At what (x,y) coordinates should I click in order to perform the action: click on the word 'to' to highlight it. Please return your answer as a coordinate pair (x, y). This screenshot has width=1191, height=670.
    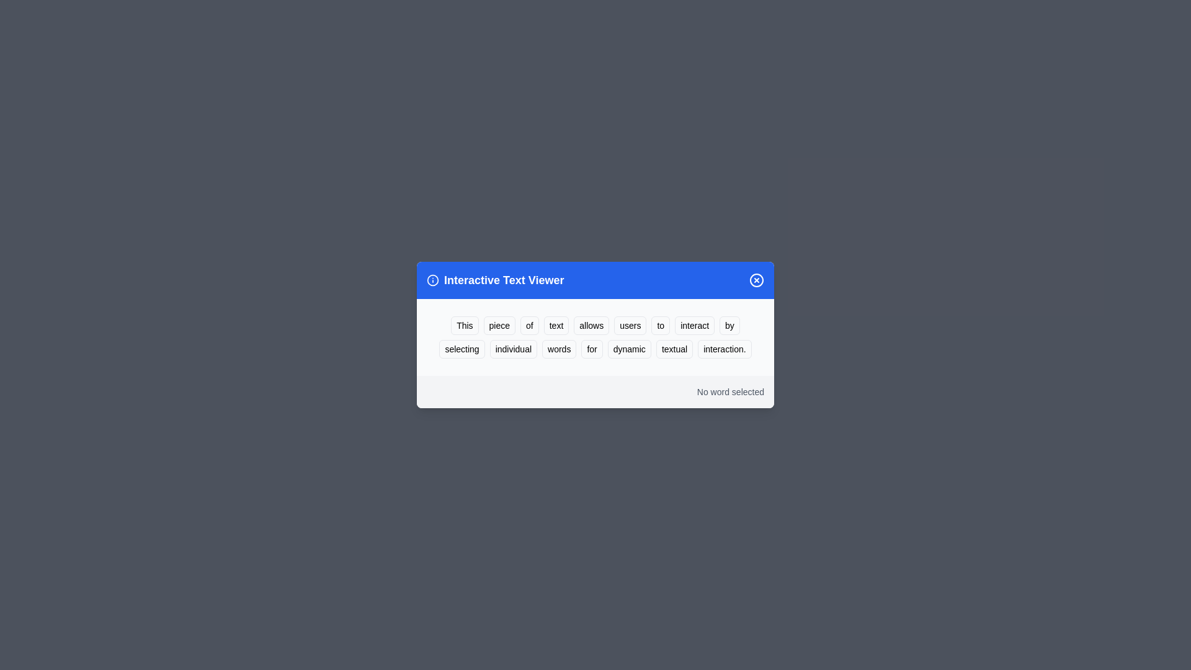
    Looking at the image, I should click on (660, 324).